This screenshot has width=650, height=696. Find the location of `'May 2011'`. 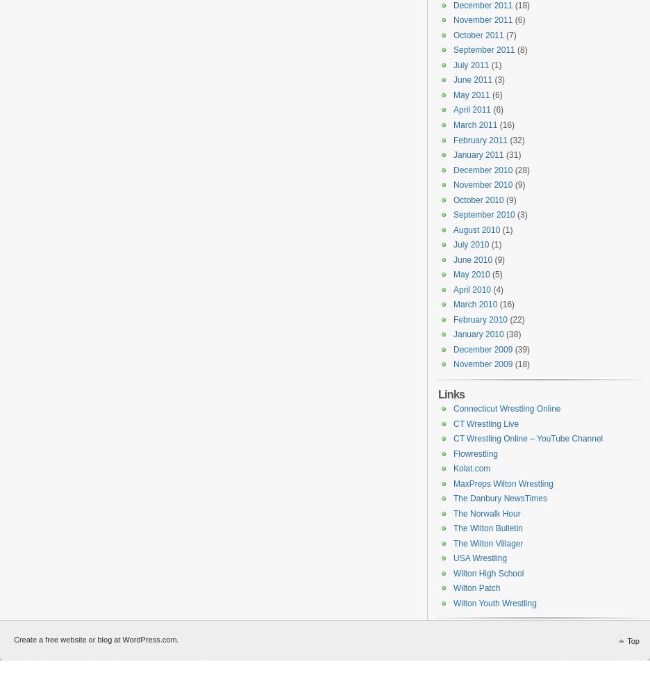

'May 2011' is located at coordinates (471, 94).